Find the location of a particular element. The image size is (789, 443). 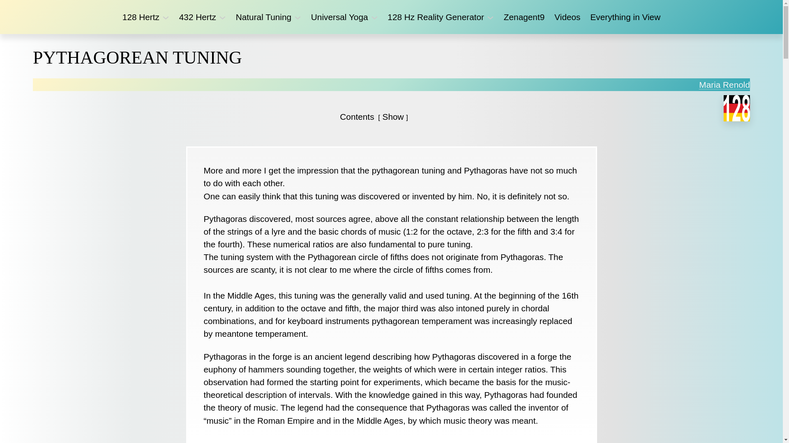

'Universal Yoga' is located at coordinates (311, 17).